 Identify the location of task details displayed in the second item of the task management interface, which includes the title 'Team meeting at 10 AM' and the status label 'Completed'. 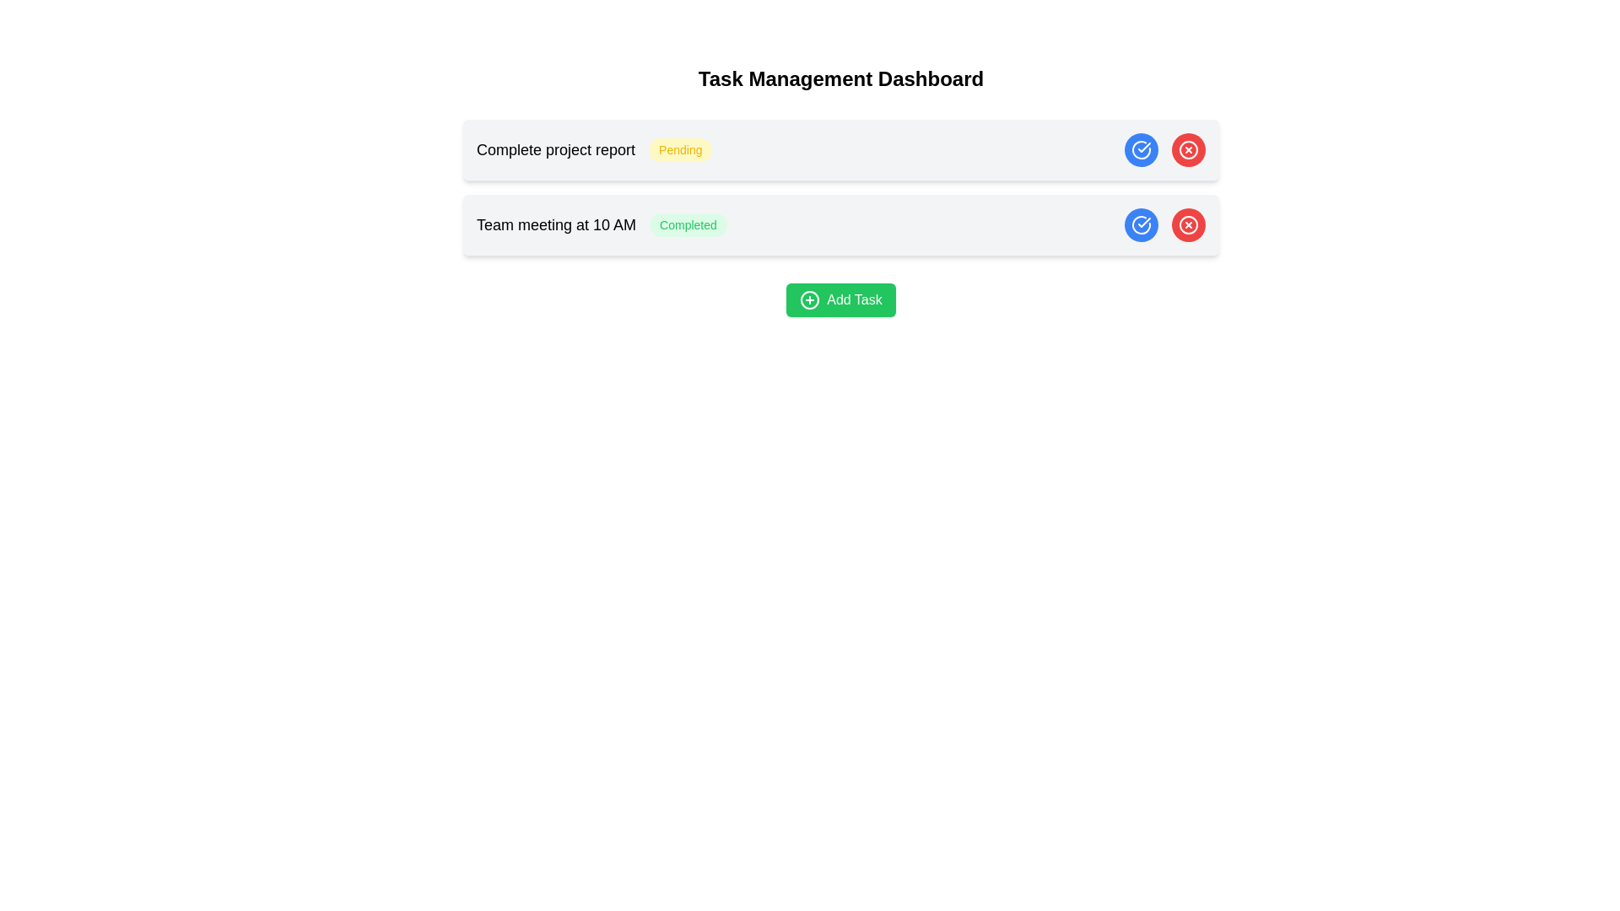
(602, 224).